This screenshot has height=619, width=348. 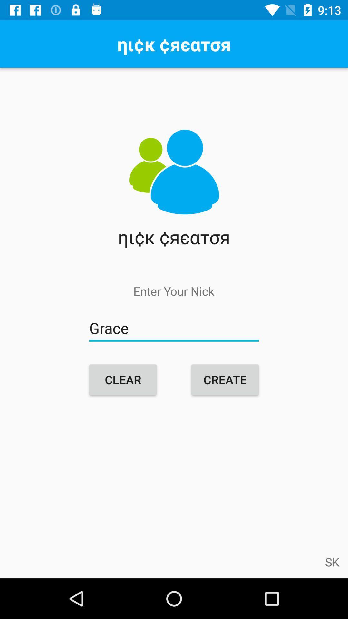 I want to click on item at the bottom right corner, so click(x=332, y=561).